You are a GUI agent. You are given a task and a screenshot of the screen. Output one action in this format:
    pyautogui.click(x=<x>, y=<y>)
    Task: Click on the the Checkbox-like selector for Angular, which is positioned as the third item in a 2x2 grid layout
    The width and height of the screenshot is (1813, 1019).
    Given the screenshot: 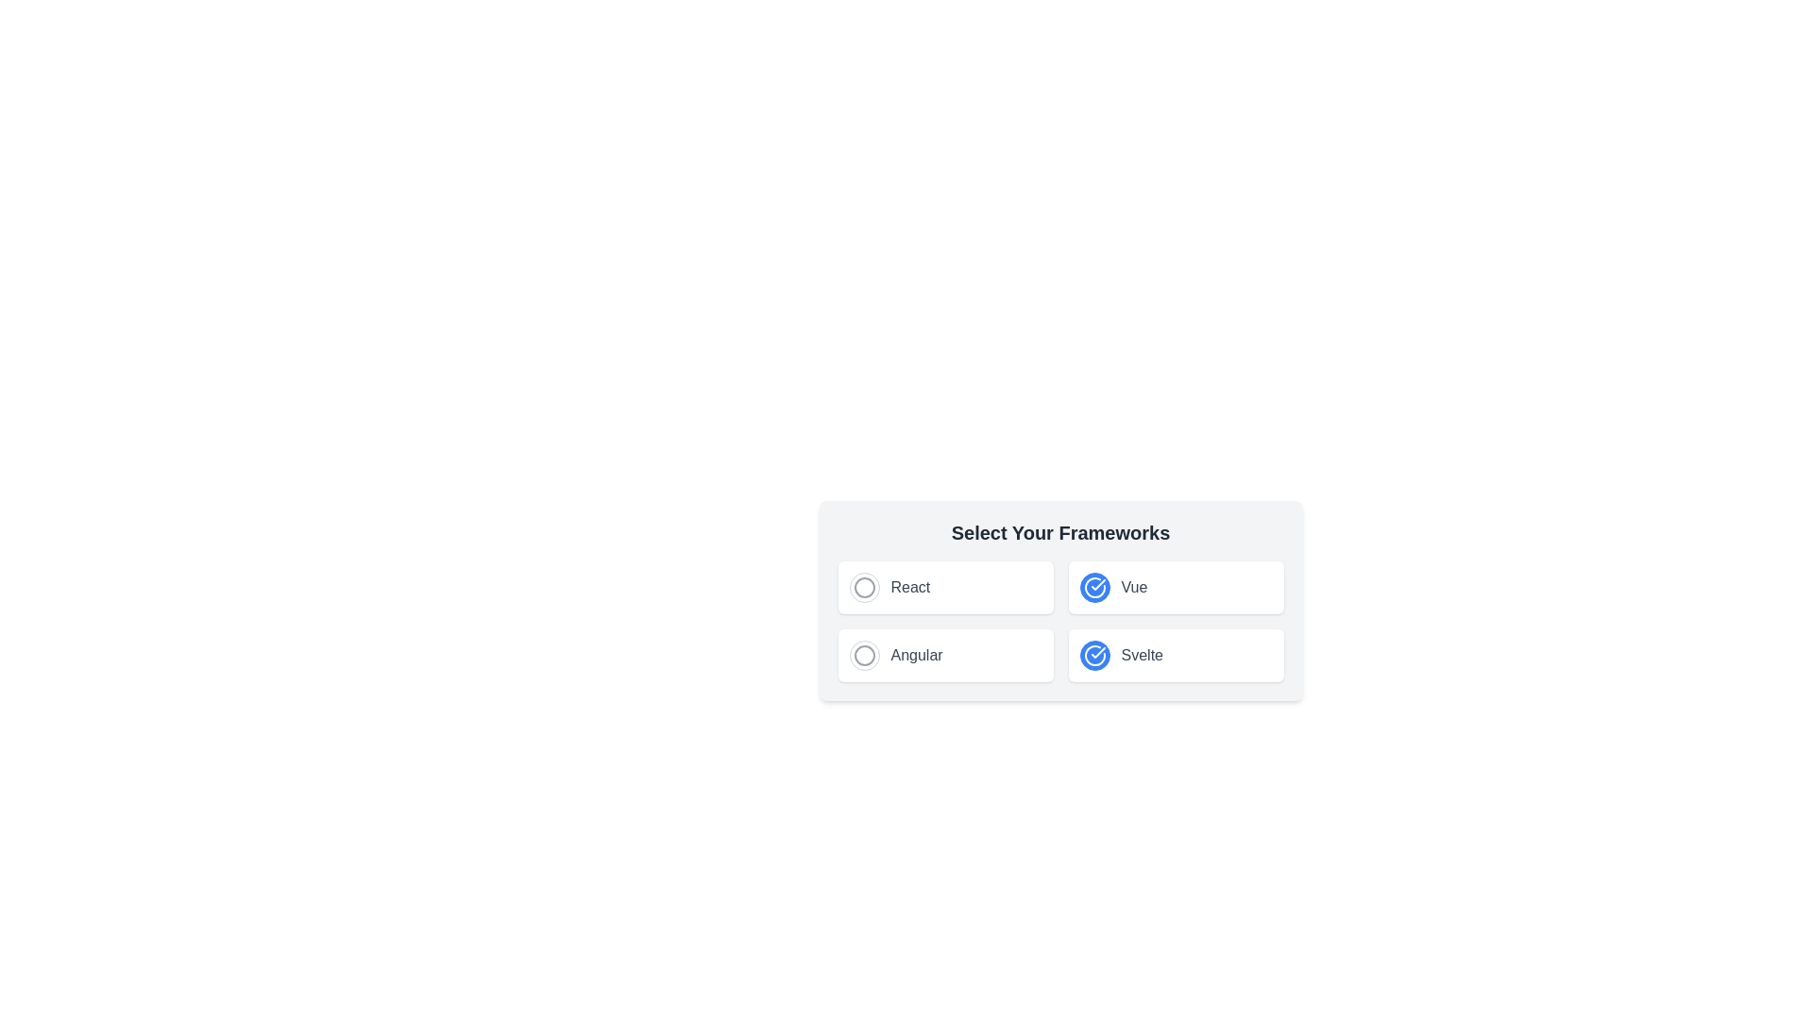 What is the action you would take?
    pyautogui.click(x=945, y=654)
    